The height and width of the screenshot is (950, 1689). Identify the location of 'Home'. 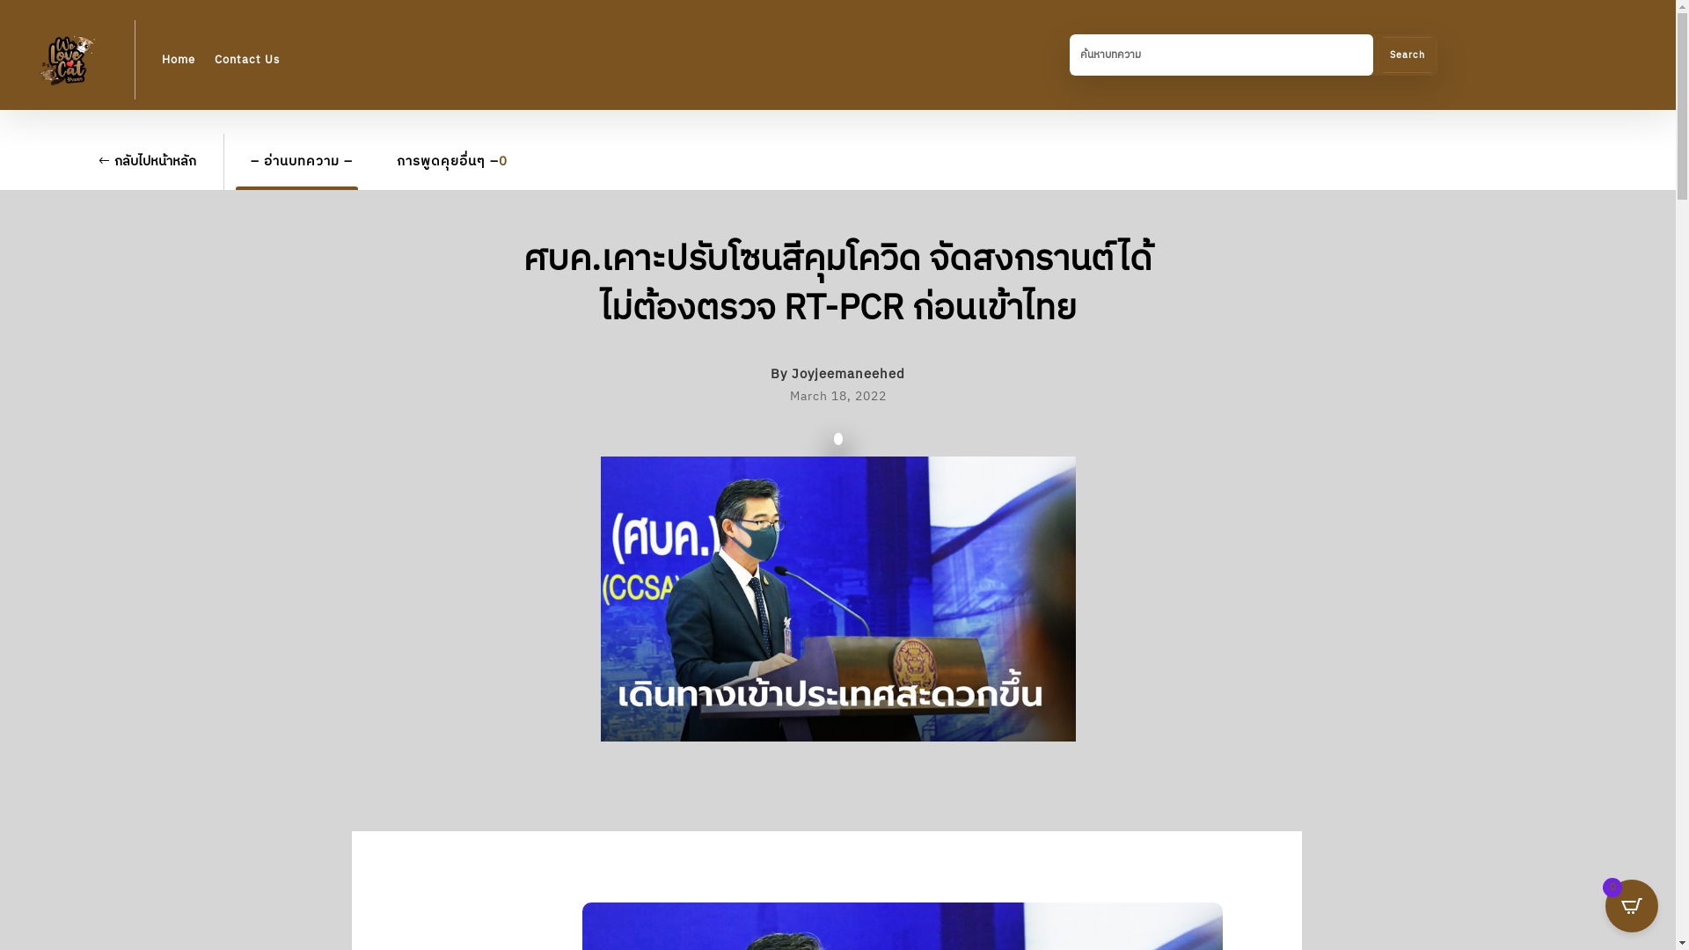
(178, 59).